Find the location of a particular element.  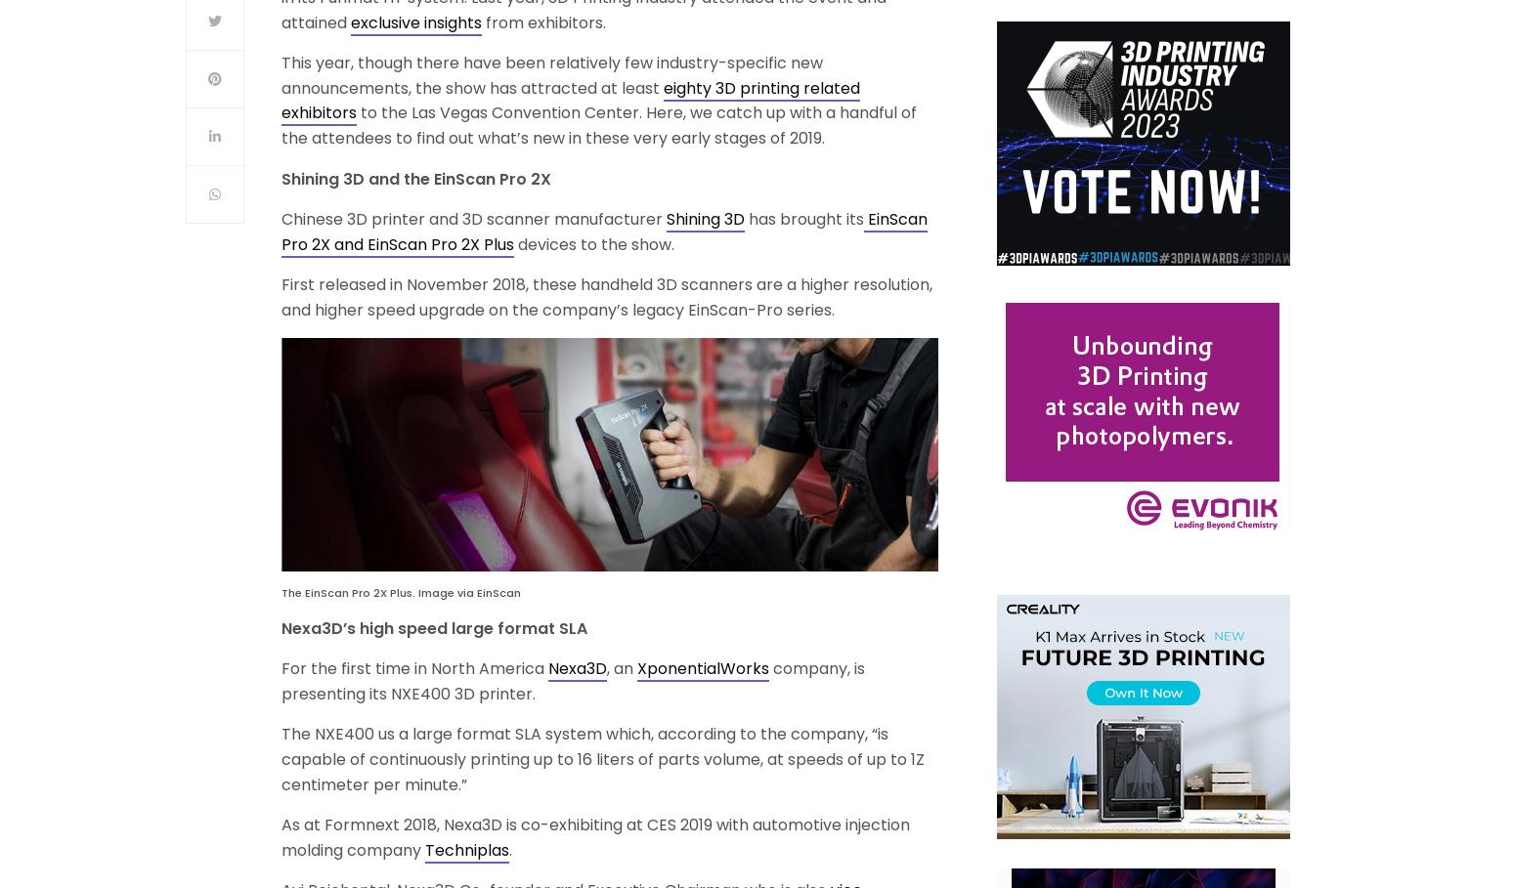

'company, is presenting its NXE400 3D printer.' is located at coordinates (573, 681).